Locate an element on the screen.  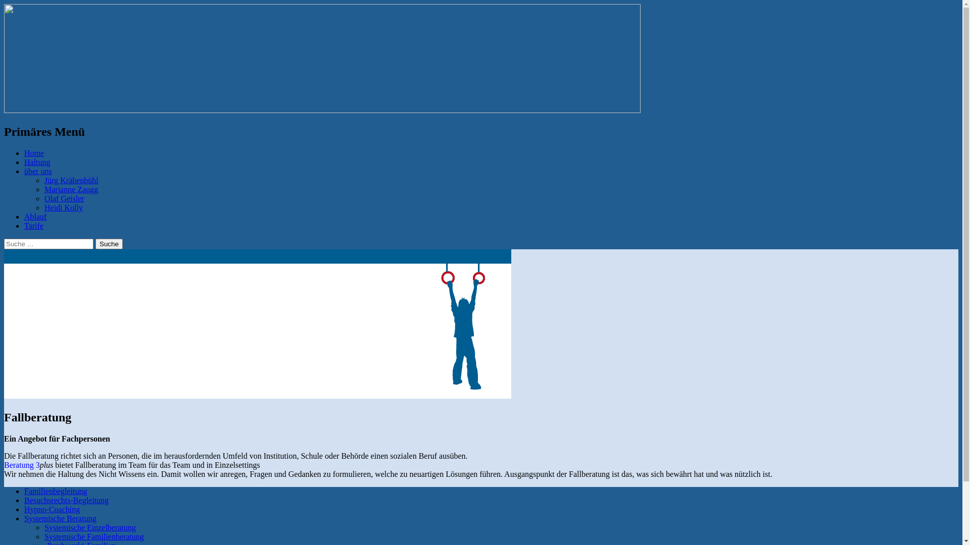
'Systemische Beratung' is located at coordinates (60, 518).